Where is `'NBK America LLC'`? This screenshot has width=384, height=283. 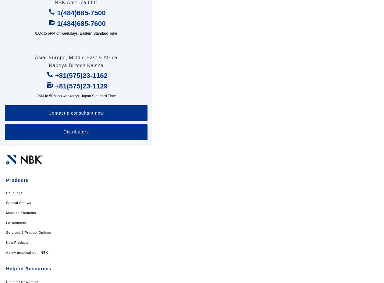
'NBK America LLC' is located at coordinates (76, 2).